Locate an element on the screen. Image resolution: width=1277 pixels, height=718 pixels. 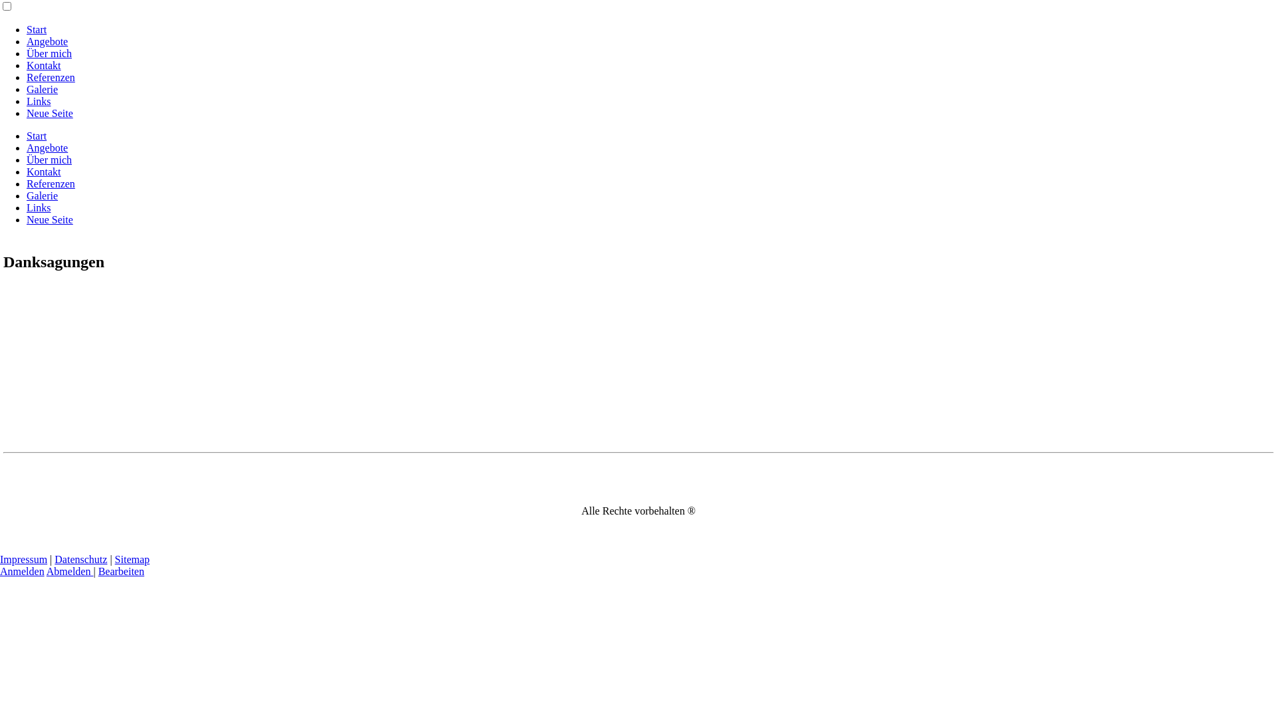
'Anmelden' is located at coordinates (22, 570).